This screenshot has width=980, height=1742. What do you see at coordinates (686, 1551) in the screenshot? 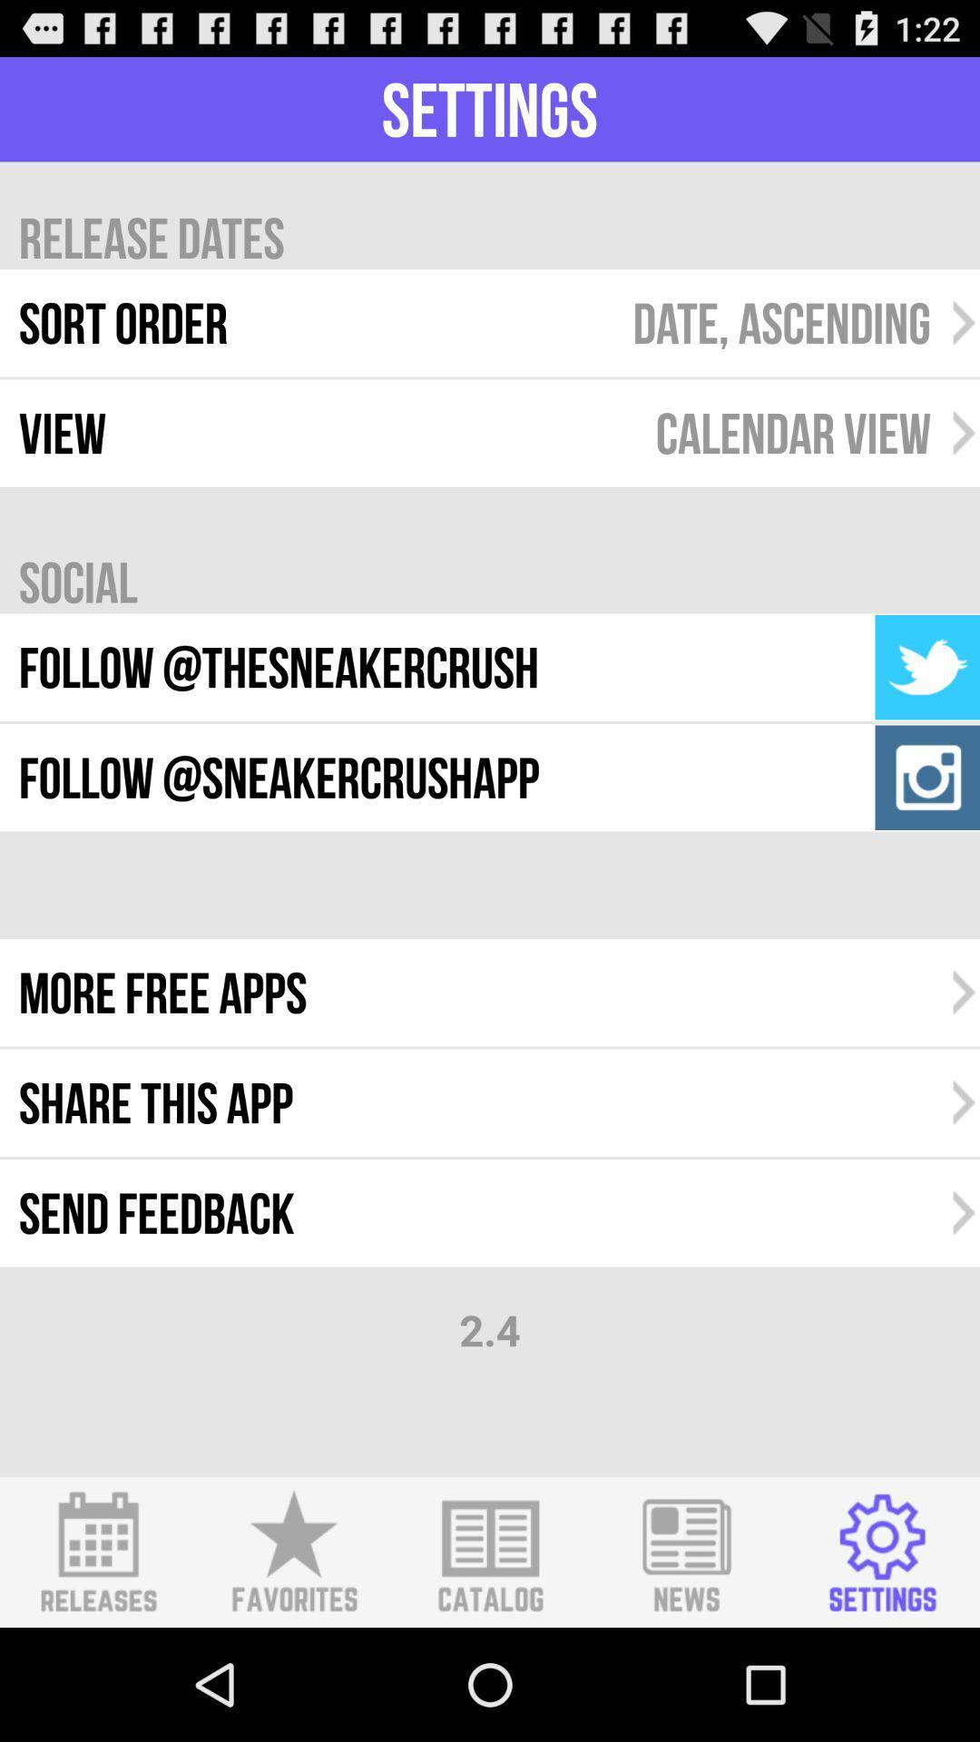
I see `shows the news icon` at bounding box center [686, 1551].